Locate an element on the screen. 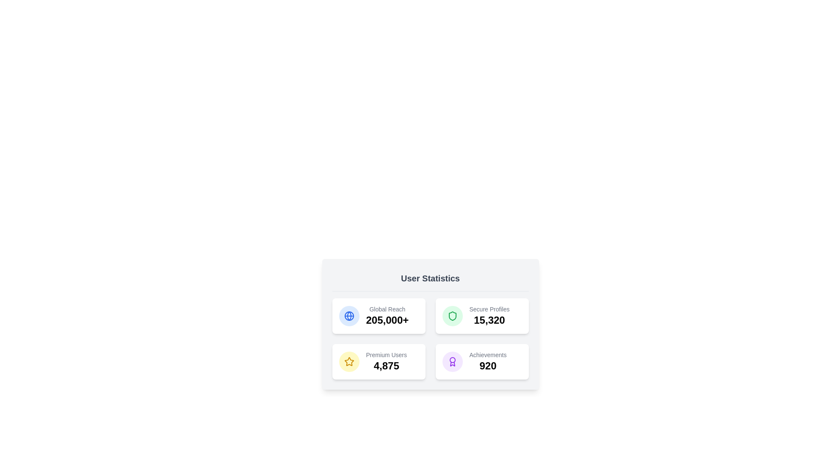  the static text label displaying 'Secure Profiles' located in the top-right quadrant of the 'User Statistics' card, positioned above the number '15,320' and adjacent to the green shield icon is located at coordinates (489, 309).